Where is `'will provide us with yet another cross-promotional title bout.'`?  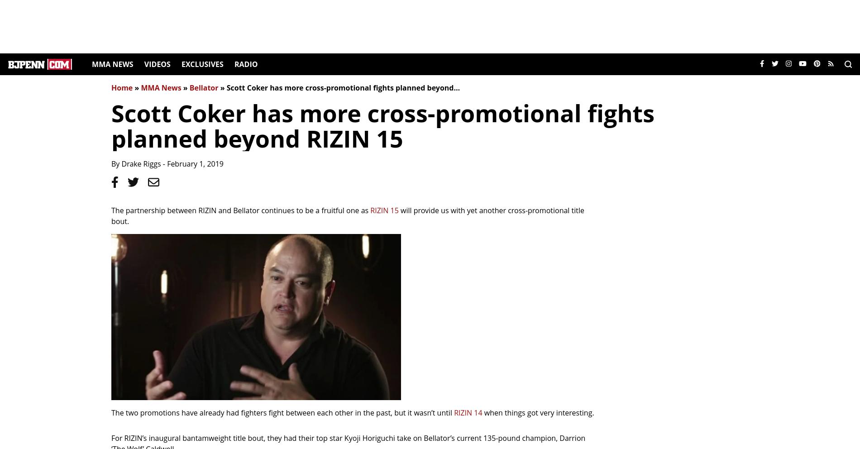
'will provide us with yet another cross-promotional title bout.' is located at coordinates (347, 215).